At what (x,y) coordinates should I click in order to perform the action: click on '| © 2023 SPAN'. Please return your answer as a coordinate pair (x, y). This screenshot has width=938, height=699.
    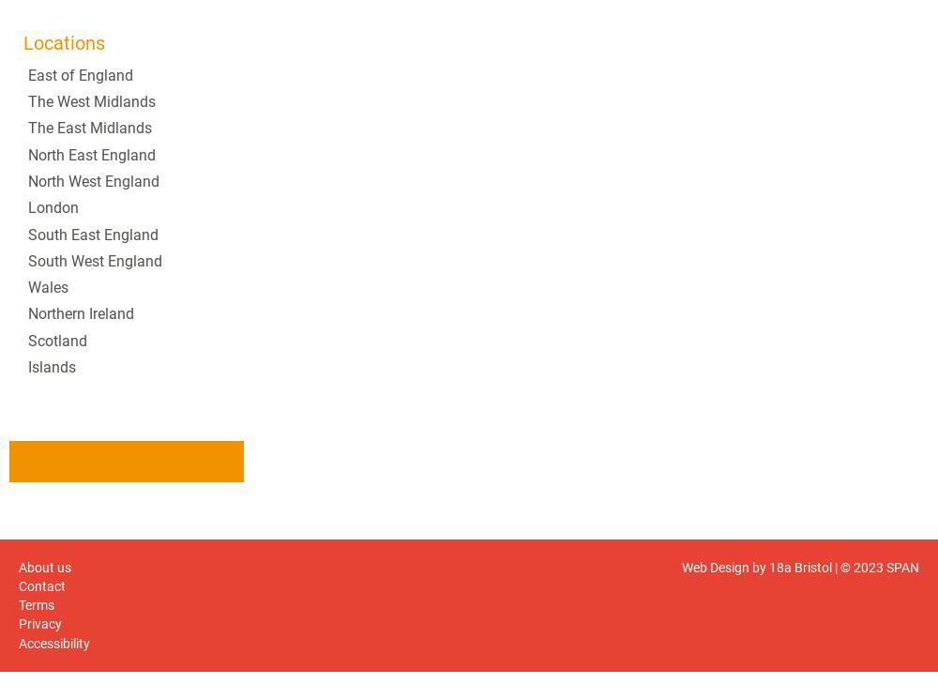
    Looking at the image, I should click on (875, 565).